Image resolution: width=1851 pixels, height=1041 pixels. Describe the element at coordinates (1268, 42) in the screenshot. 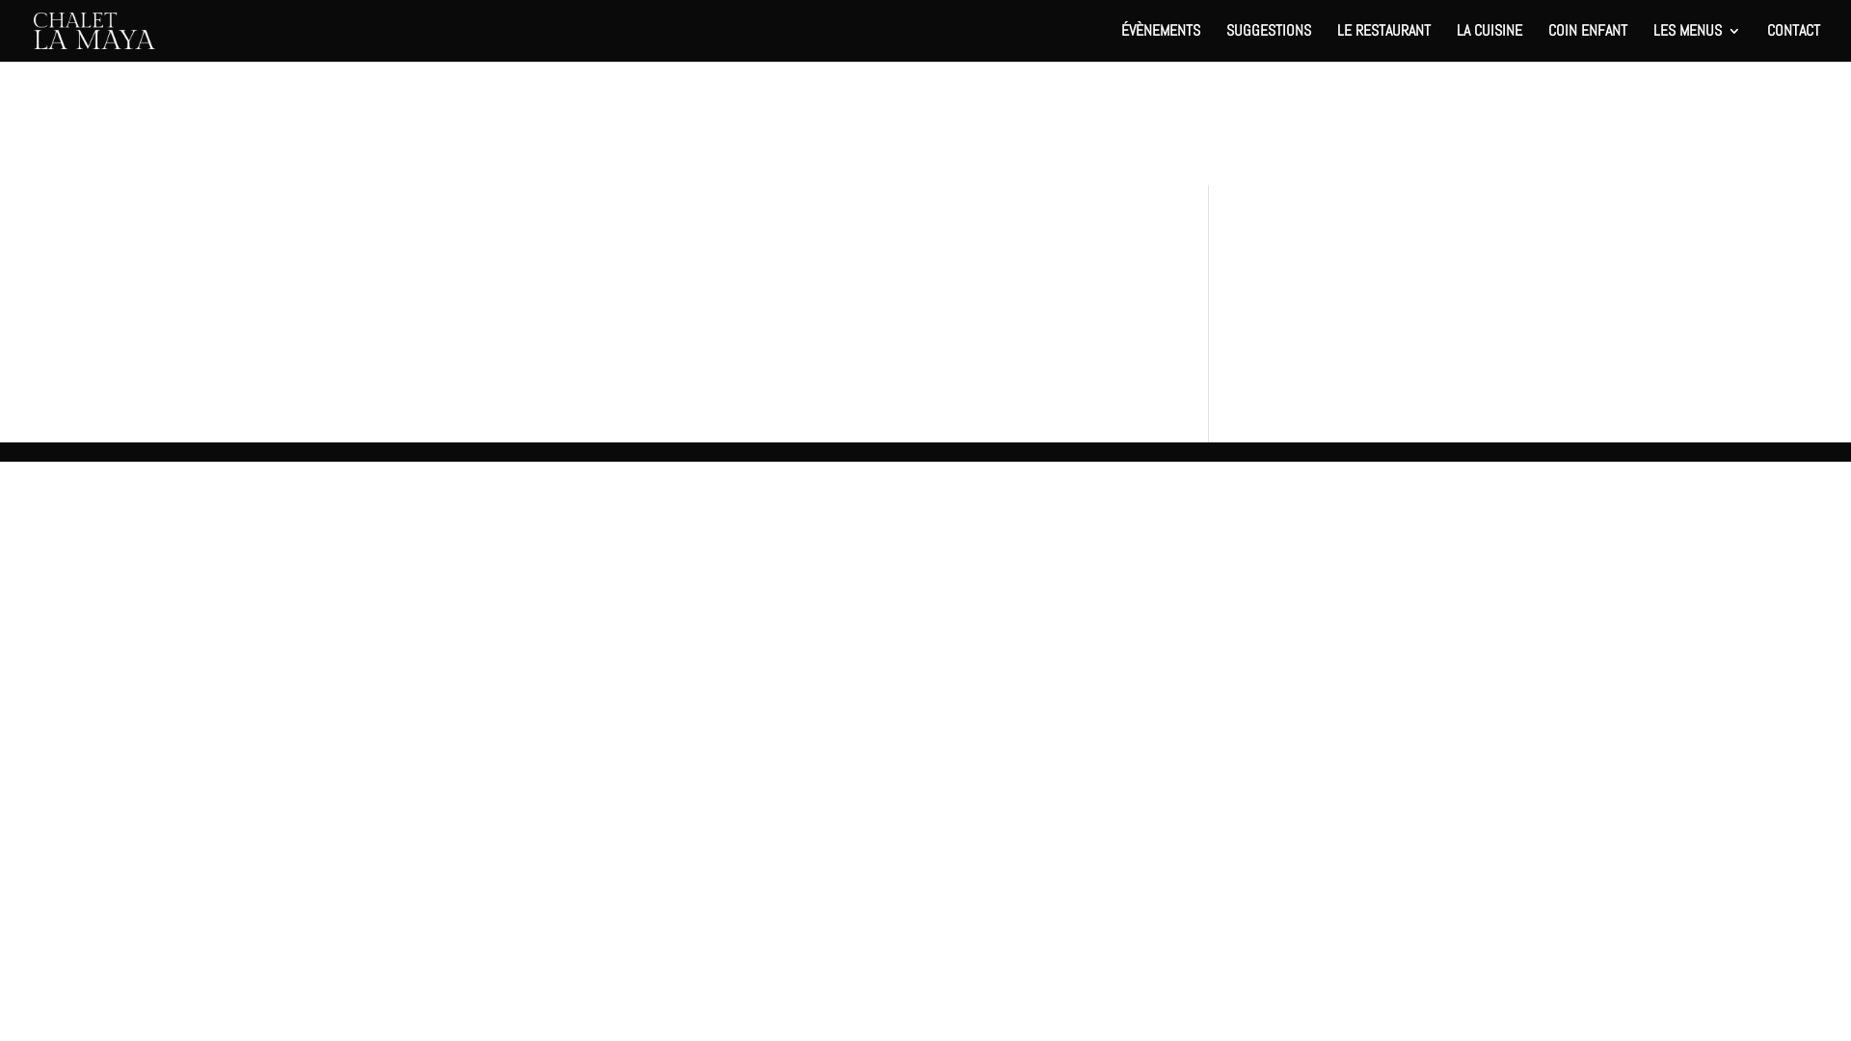

I see `'SUGGESTIONS'` at that location.